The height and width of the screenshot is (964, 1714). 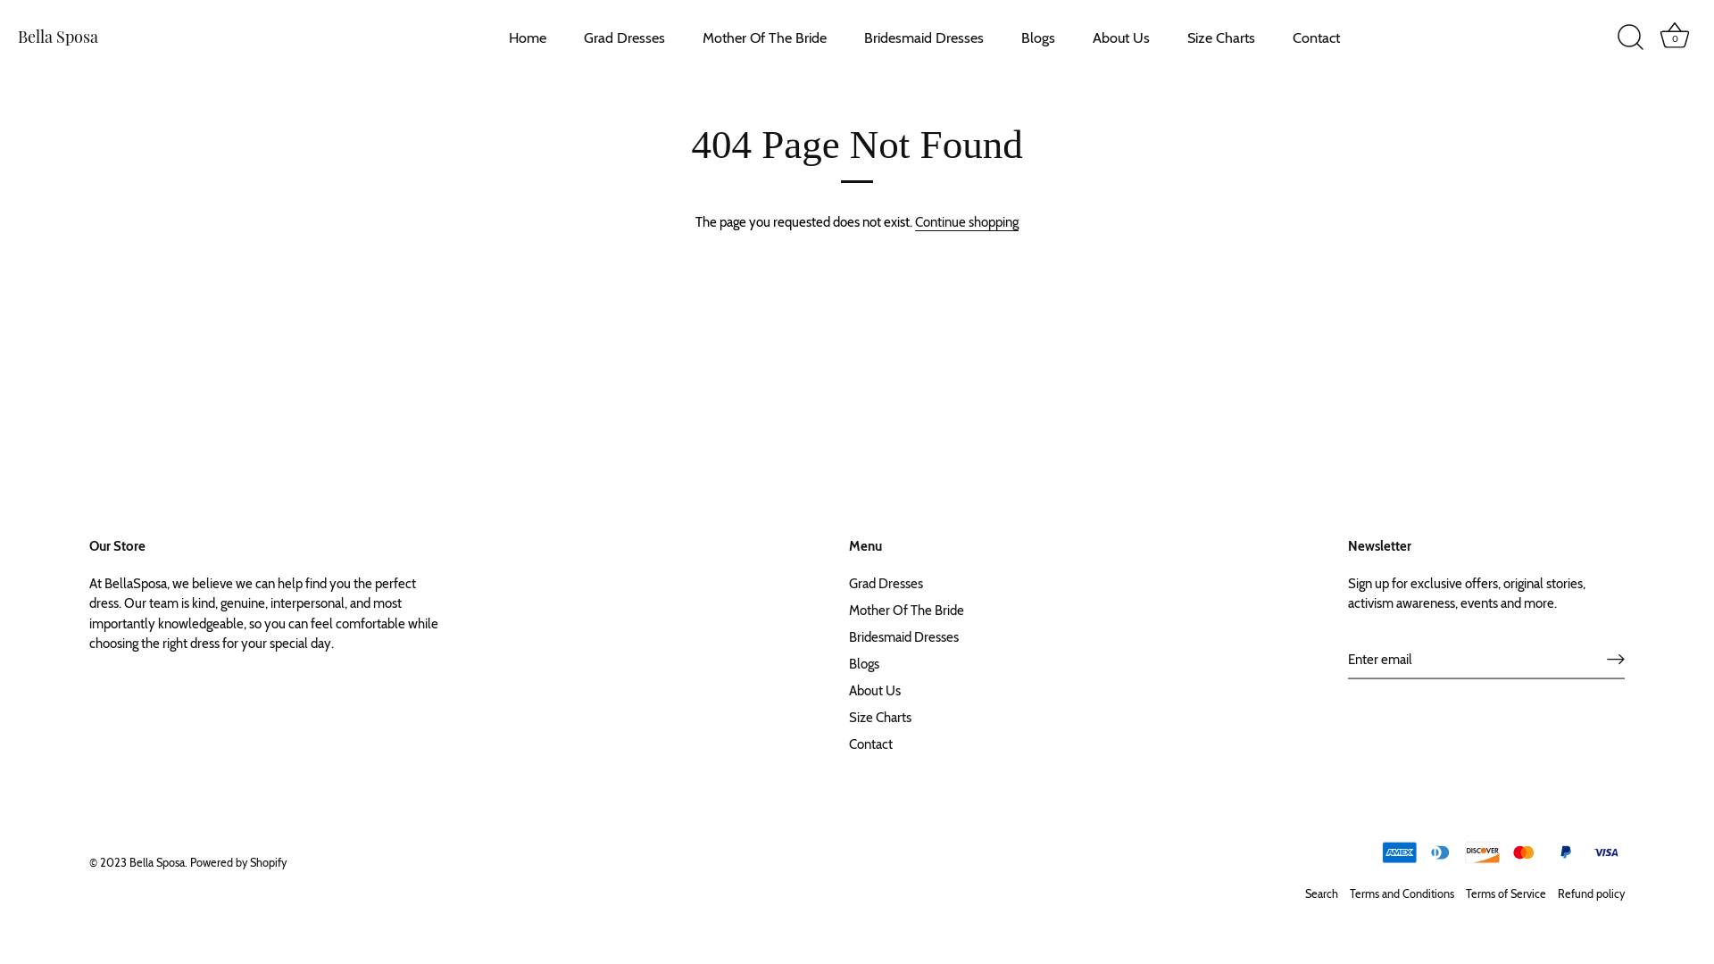 What do you see at coordinates (1504, 893) in the screenshot?
I see `'Terms of Service'` at bounding box center [1504, 893].